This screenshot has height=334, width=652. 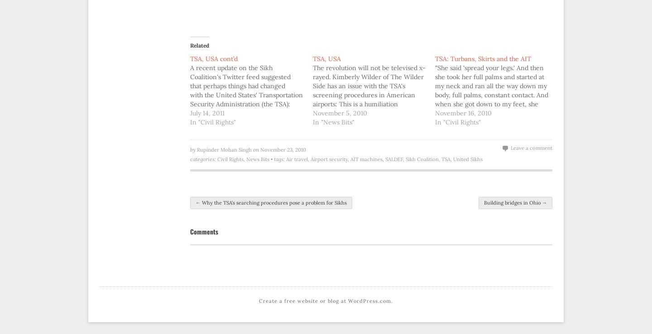 What do you see at coordinates (200, 202) in the screenshot?
I see `'Why the TSA’s searching procedures pose a problem for Sikhs'` at bounding box center [200, 202].